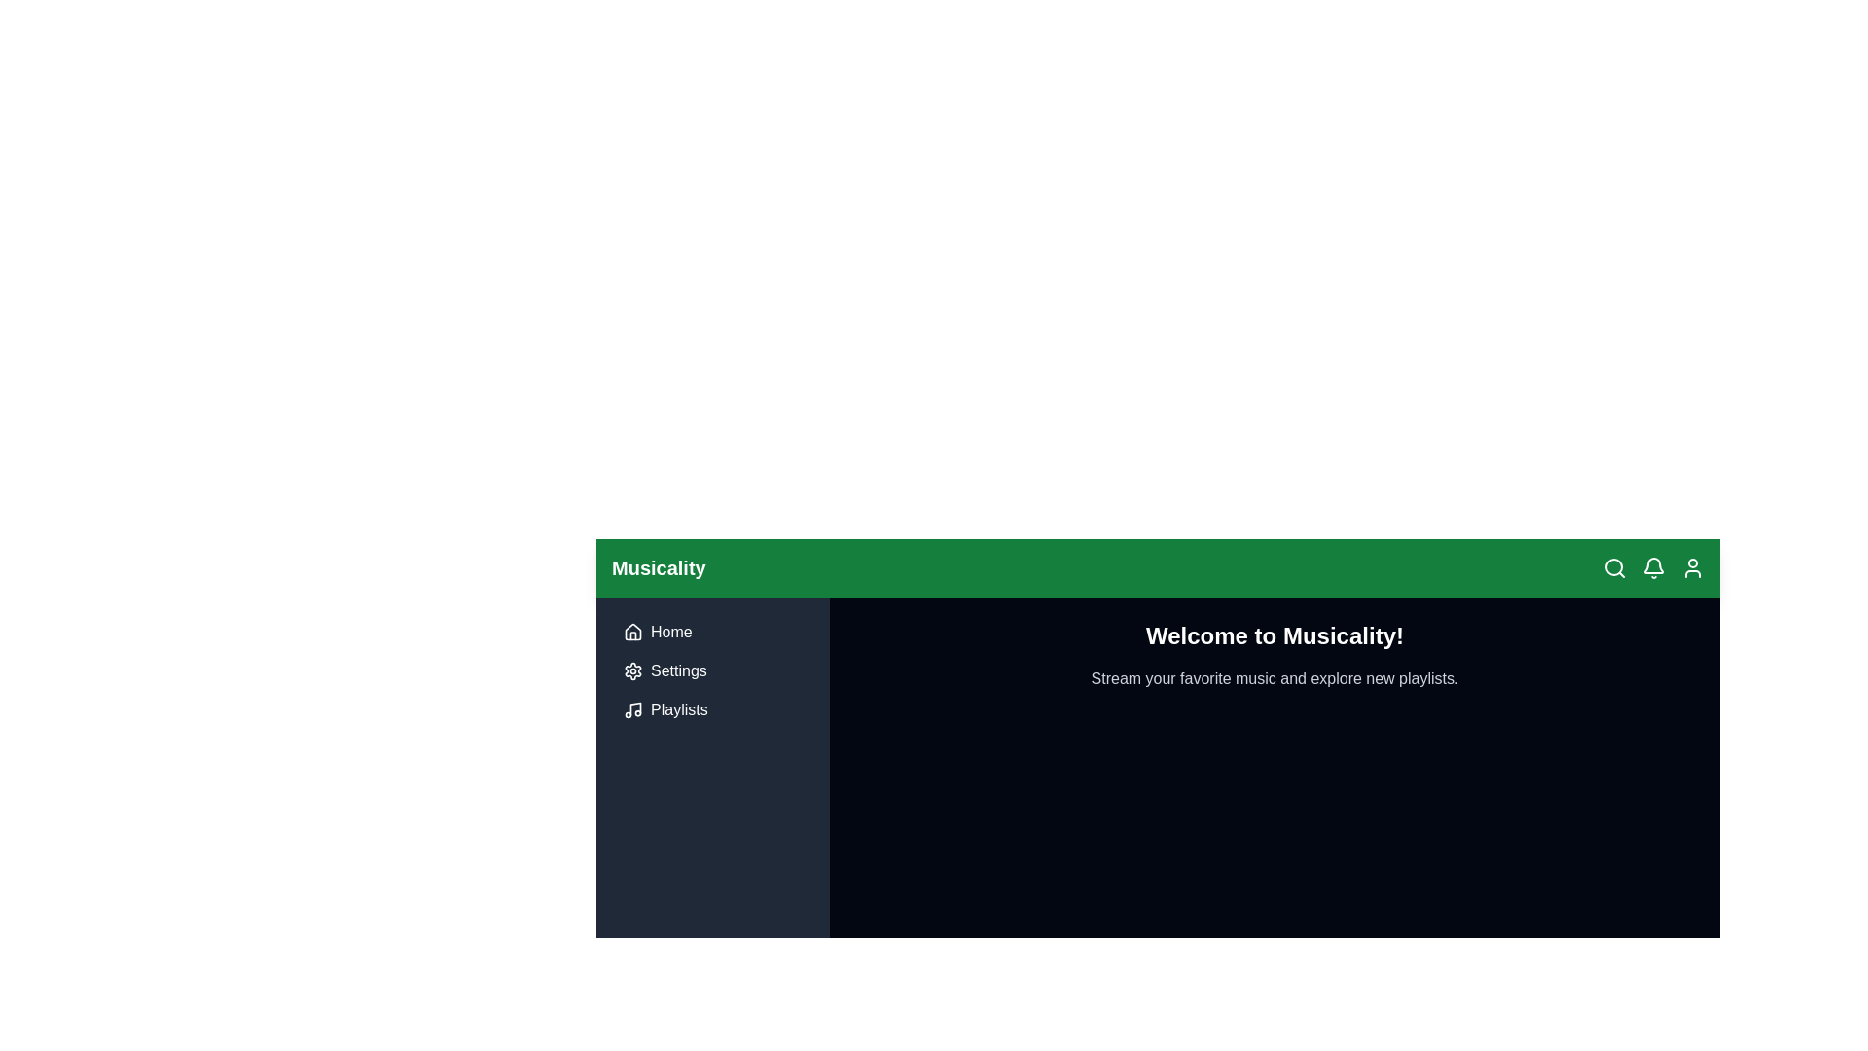 This screenshot has width=1868, height=1051. Describe the element at coordinates (1652, 565) in the screenshot. I see `the central part of the bell-shaped notification icon located in the top right corner of the app's navigation bar` at that location.